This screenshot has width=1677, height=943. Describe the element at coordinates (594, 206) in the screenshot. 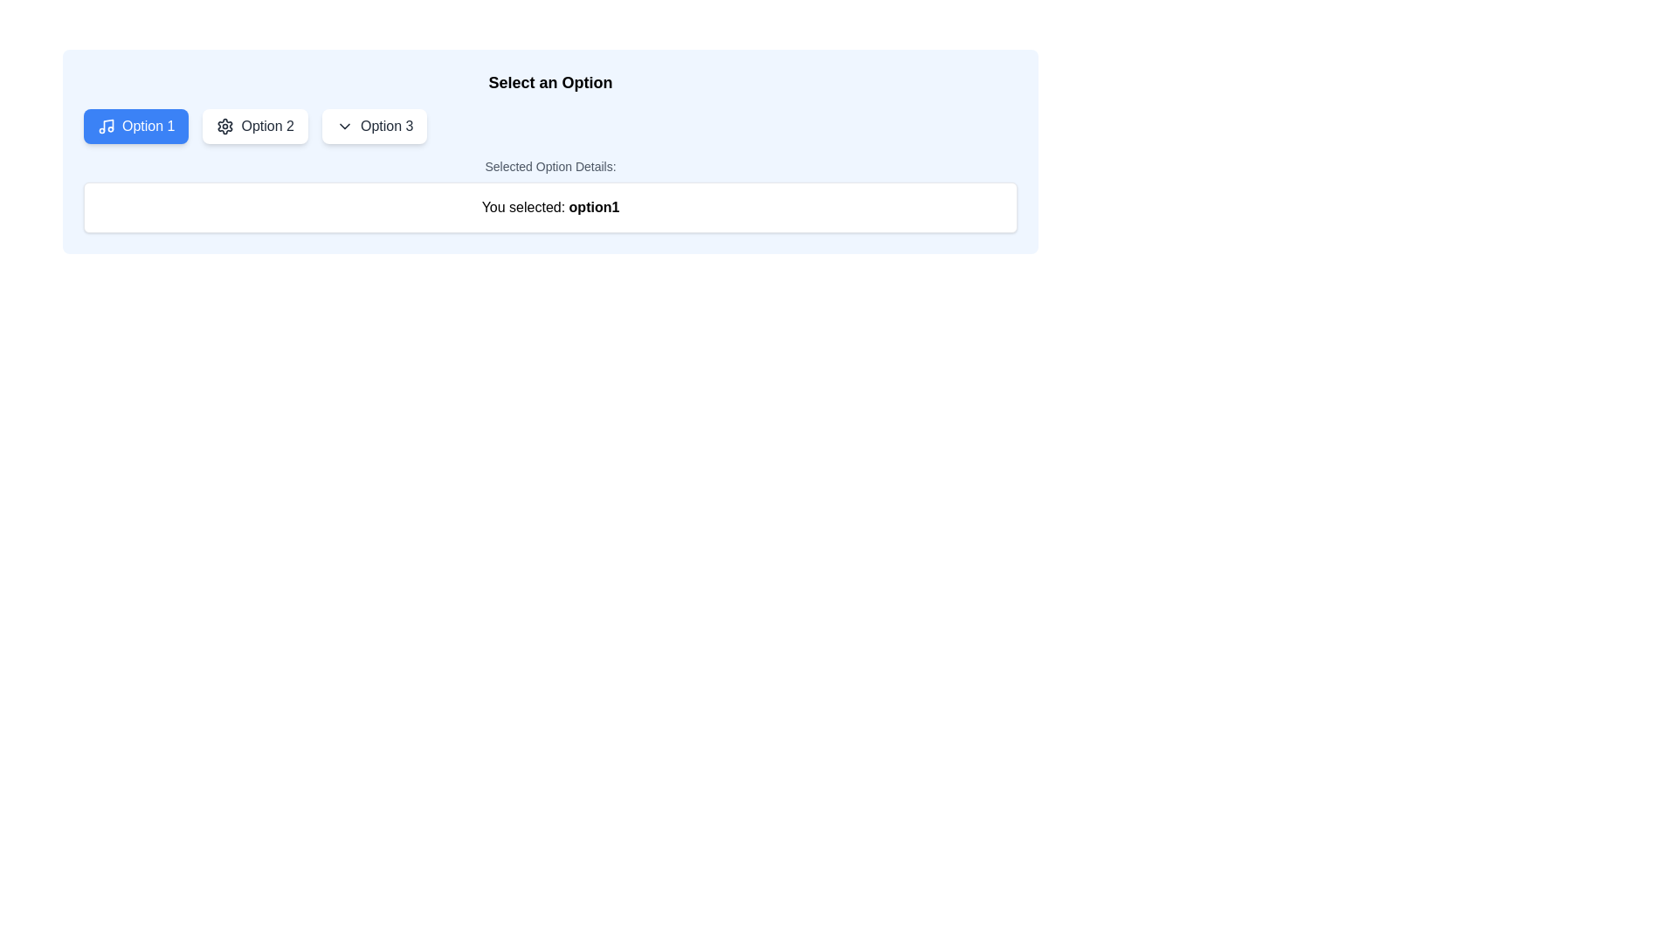

I see `text displayed in the Text Label that confirms the user's choice, which currently shows 'option1'` at that location.